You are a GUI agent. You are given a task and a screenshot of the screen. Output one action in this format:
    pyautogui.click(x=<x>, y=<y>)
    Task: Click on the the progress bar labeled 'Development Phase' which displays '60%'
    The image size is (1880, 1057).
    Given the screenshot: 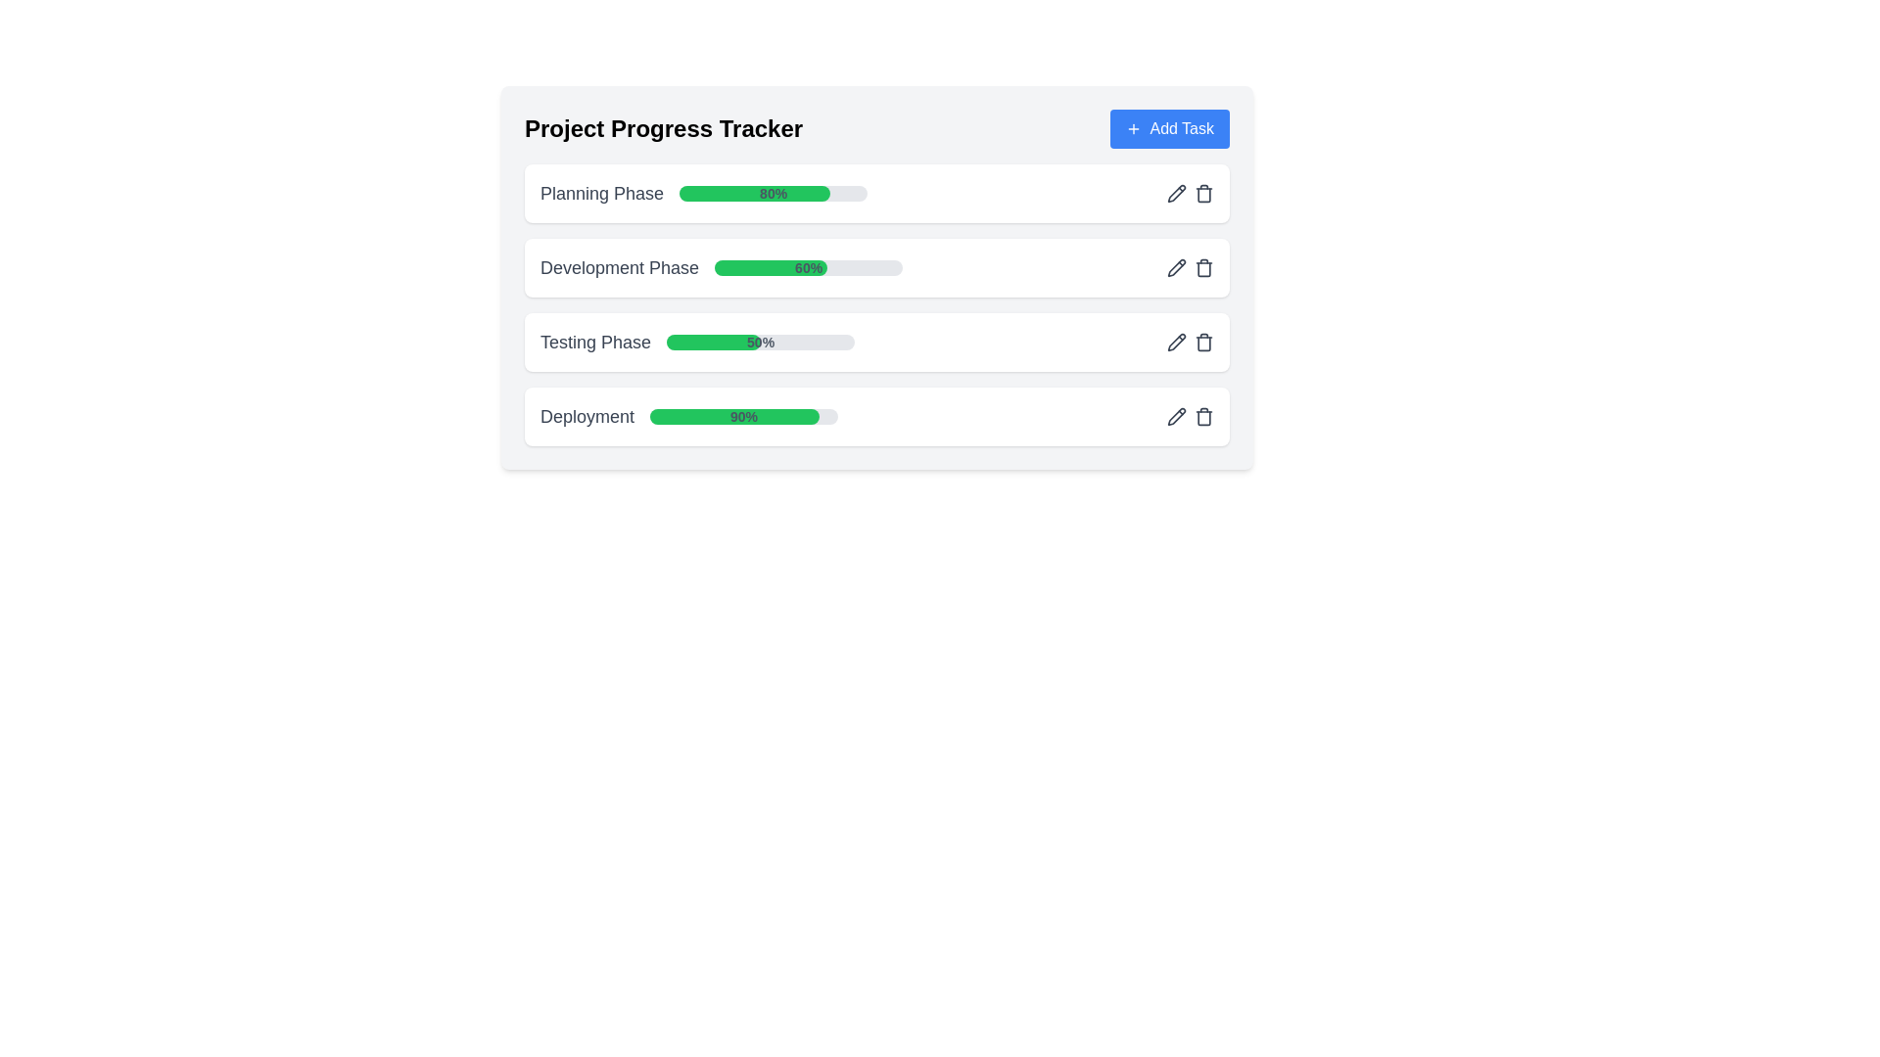 What is the action you would take?
    pyautogui.click(x=876, y=278)
    